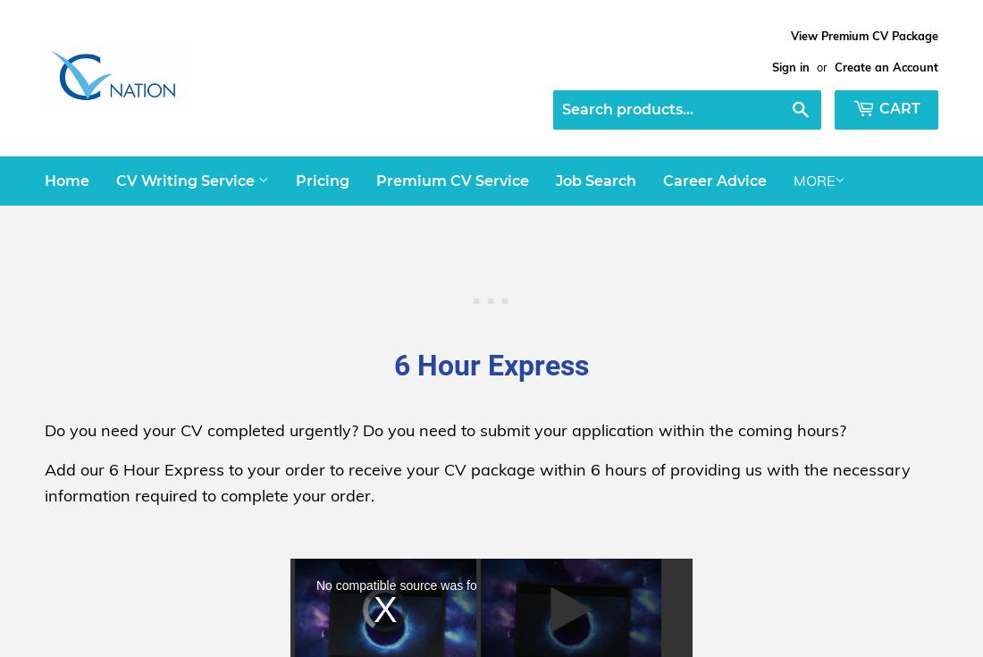 This screenshot has width=983, height=657. What do you see at coordinates (814, 180) in the screenshot?
I see `'More'` at bounding box center [814, 180].